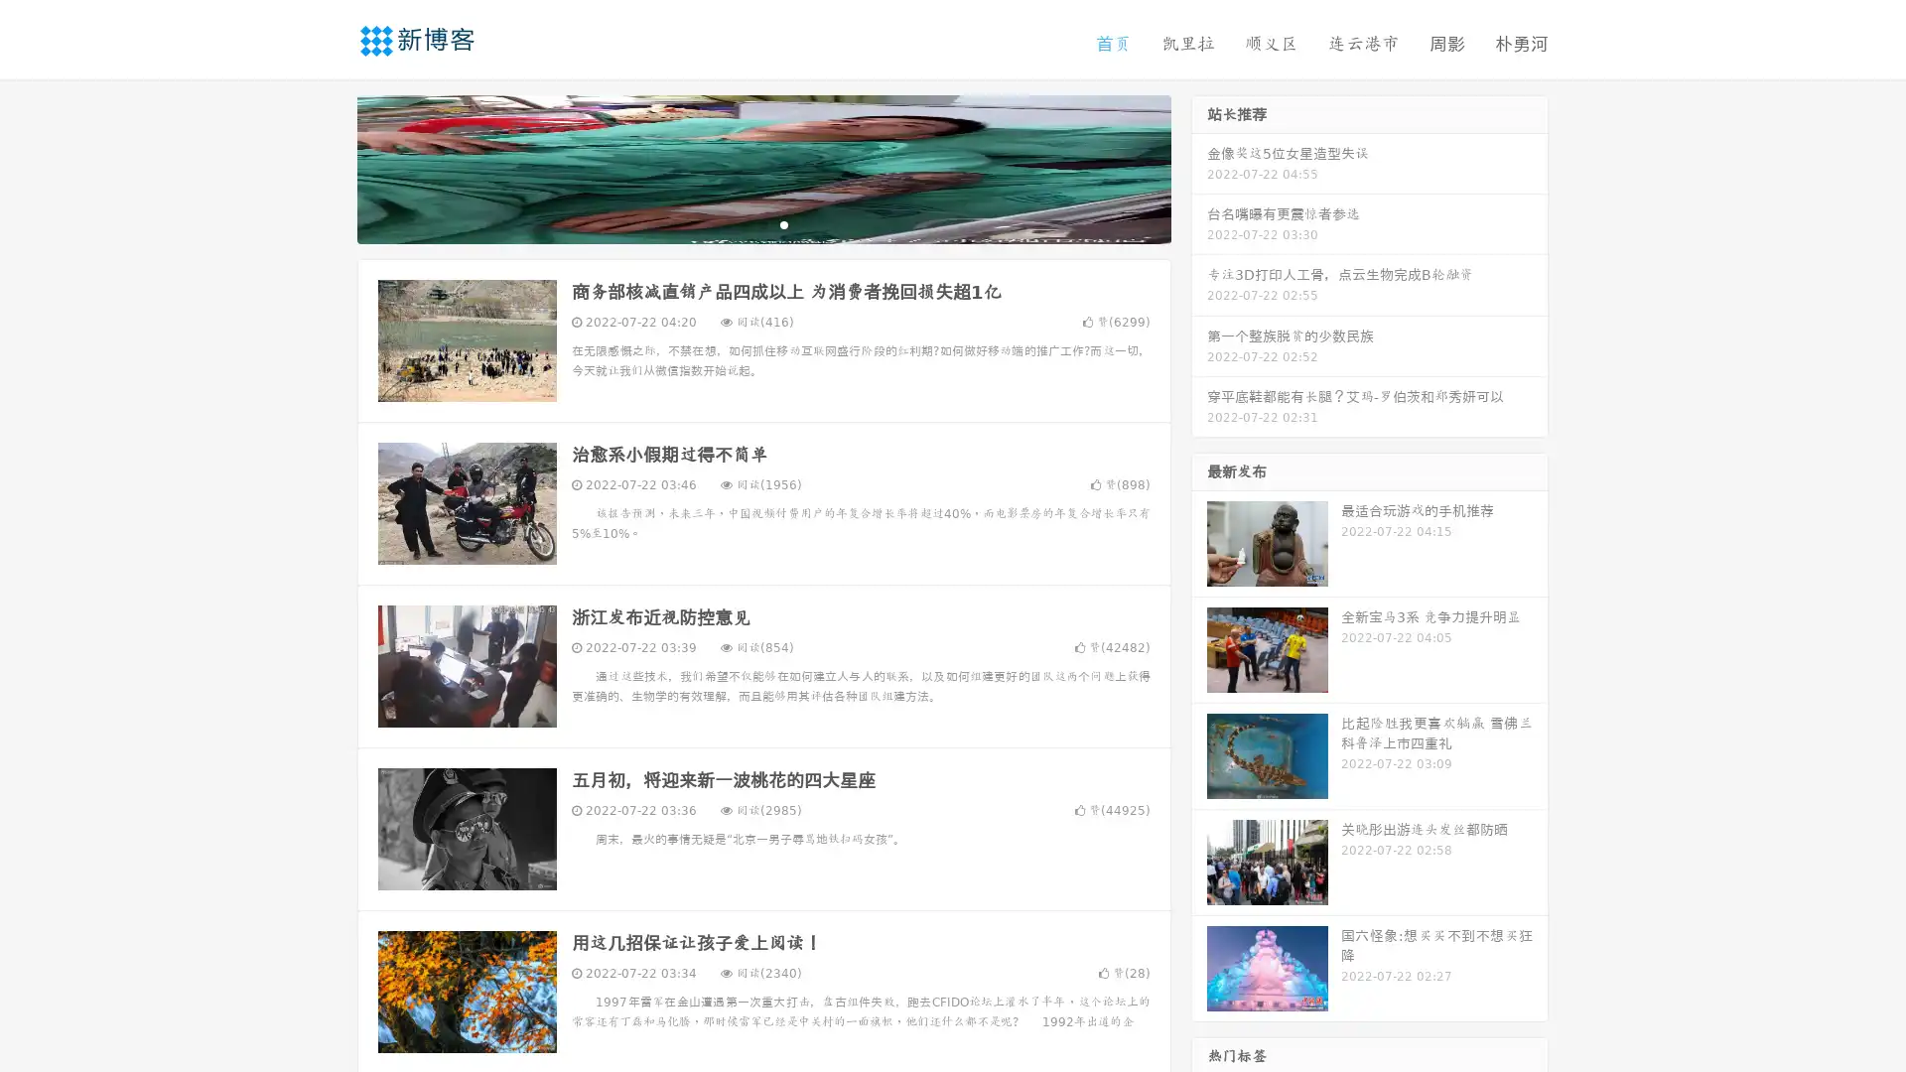 This screenshot has width=1906, height=1072. Describe the element at coordinates (762, 223) in the screenshot. I see `Go to slide 2` at that location.